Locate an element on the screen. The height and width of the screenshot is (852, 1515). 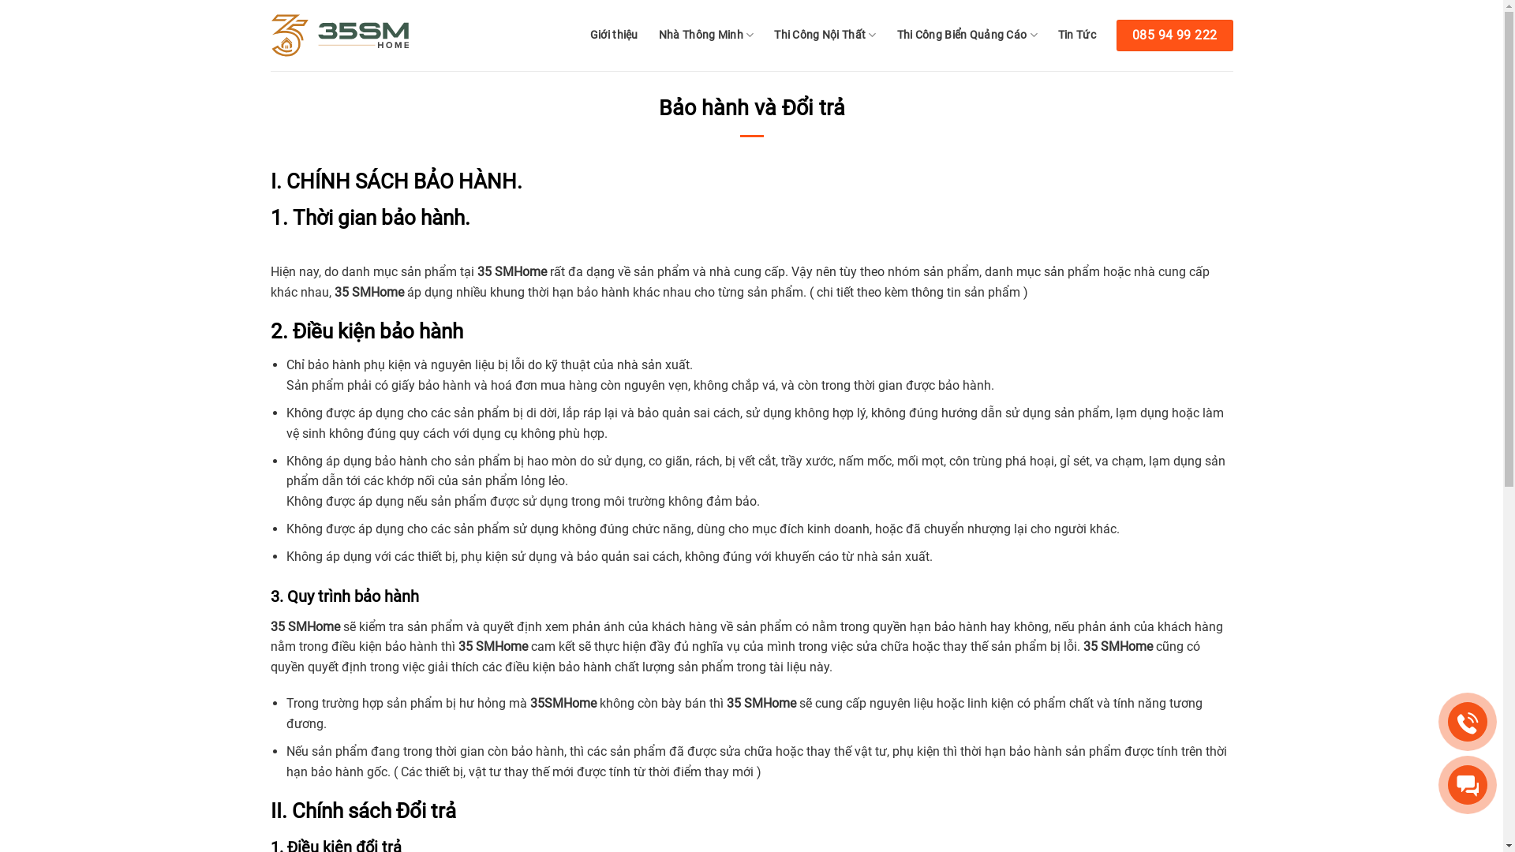
'085 94 99 222' is located at coordinates (1116, 35).